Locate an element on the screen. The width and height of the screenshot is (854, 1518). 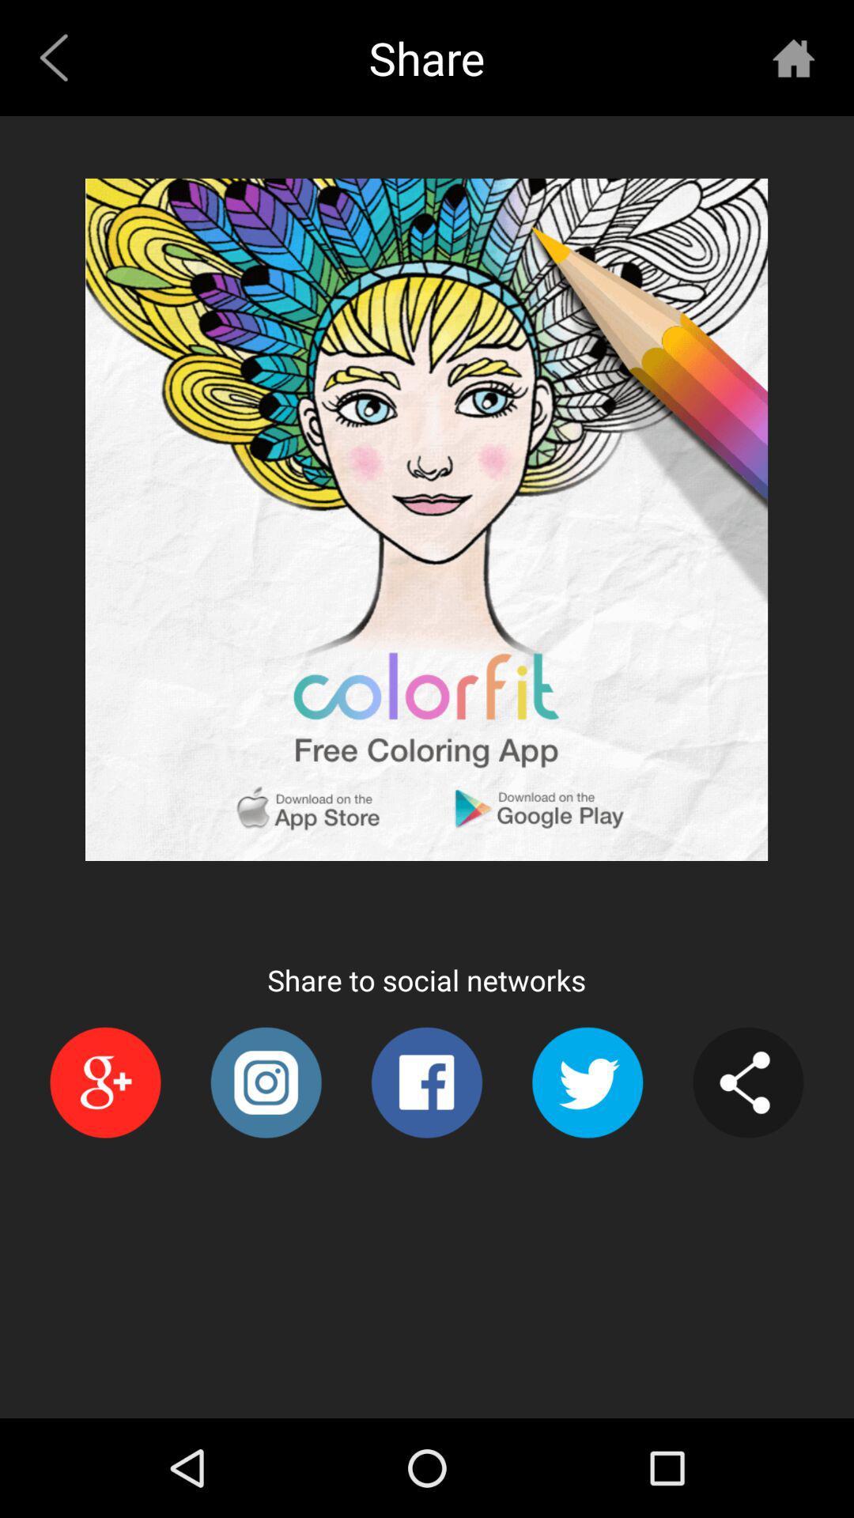
the item at the bottom is located at coordinates (425, 1082).